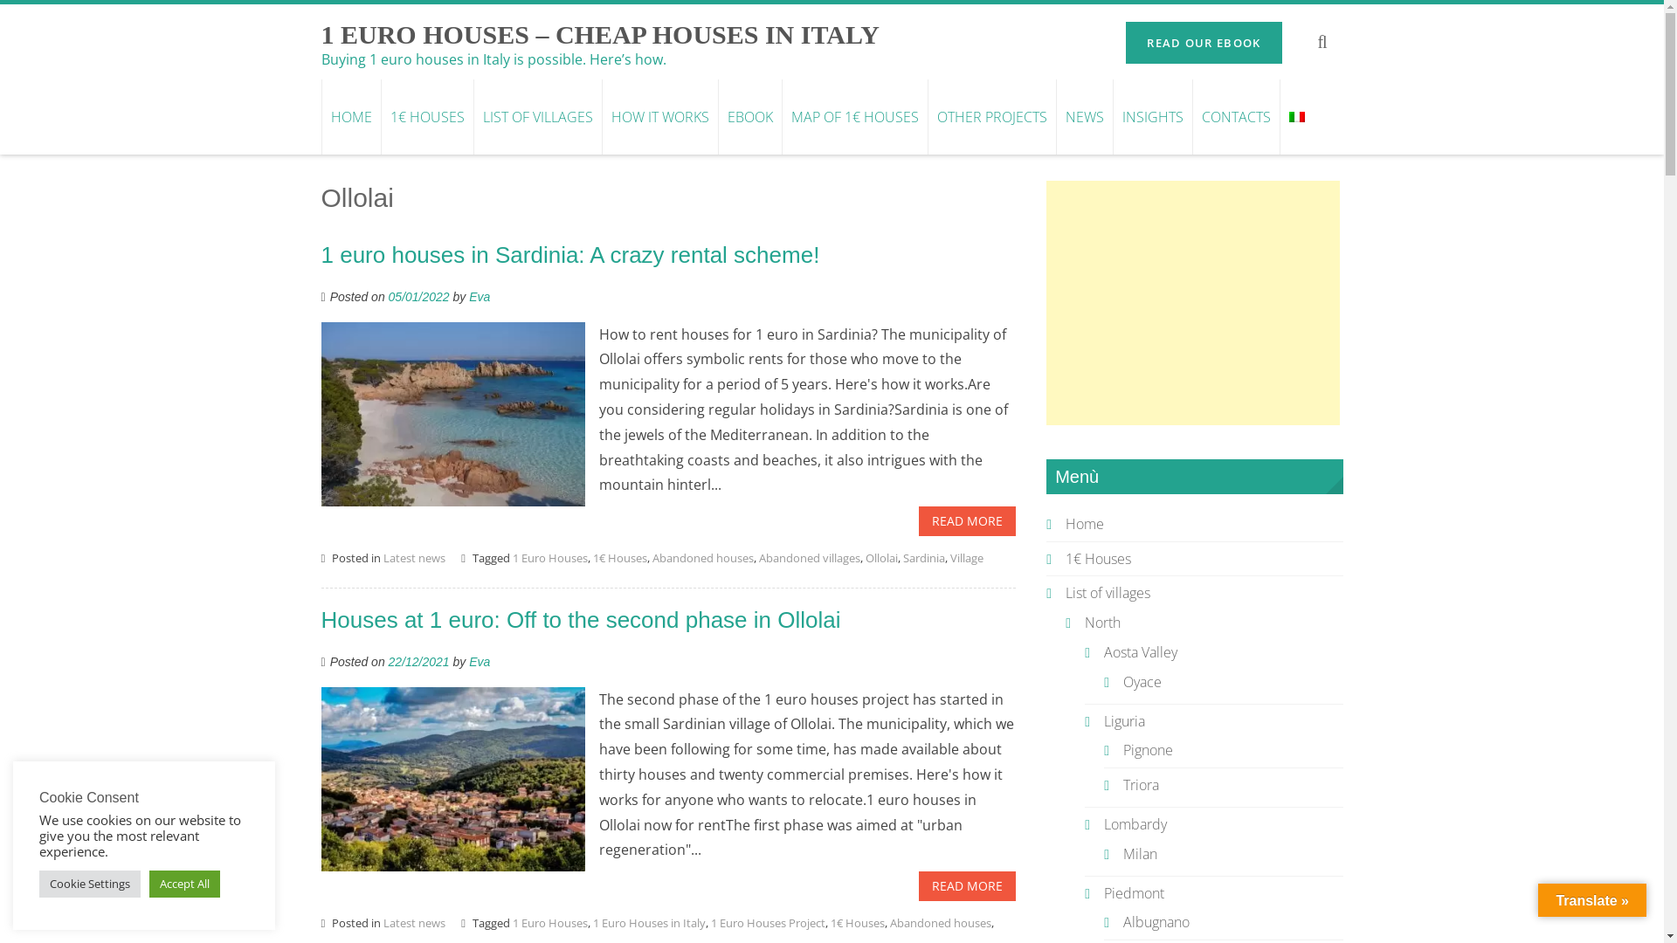 The width and height of the screenshot is (1677, 943). Describe the element at coordinates (966, 558) in the screenshot. I see `'Village'` at that location.